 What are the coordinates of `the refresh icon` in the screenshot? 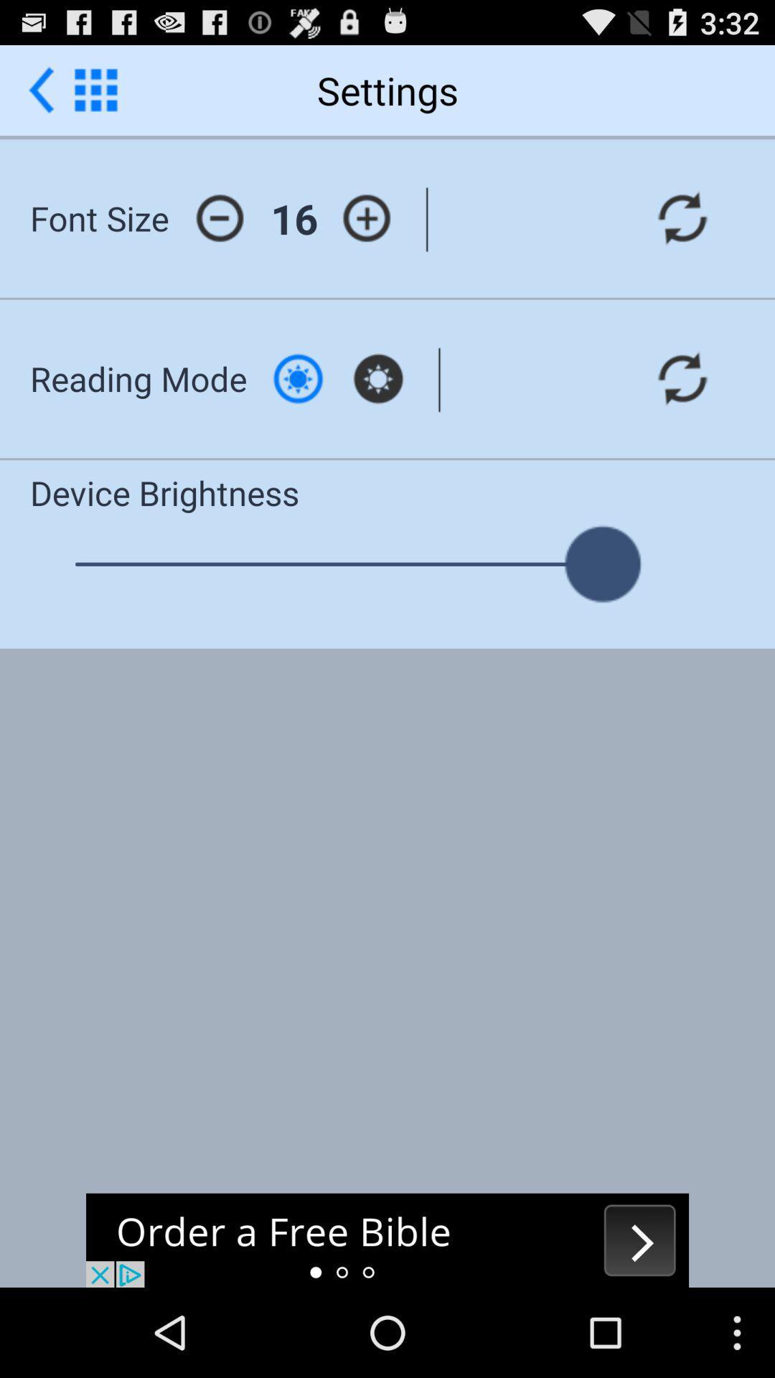 It's located at (682, 233).